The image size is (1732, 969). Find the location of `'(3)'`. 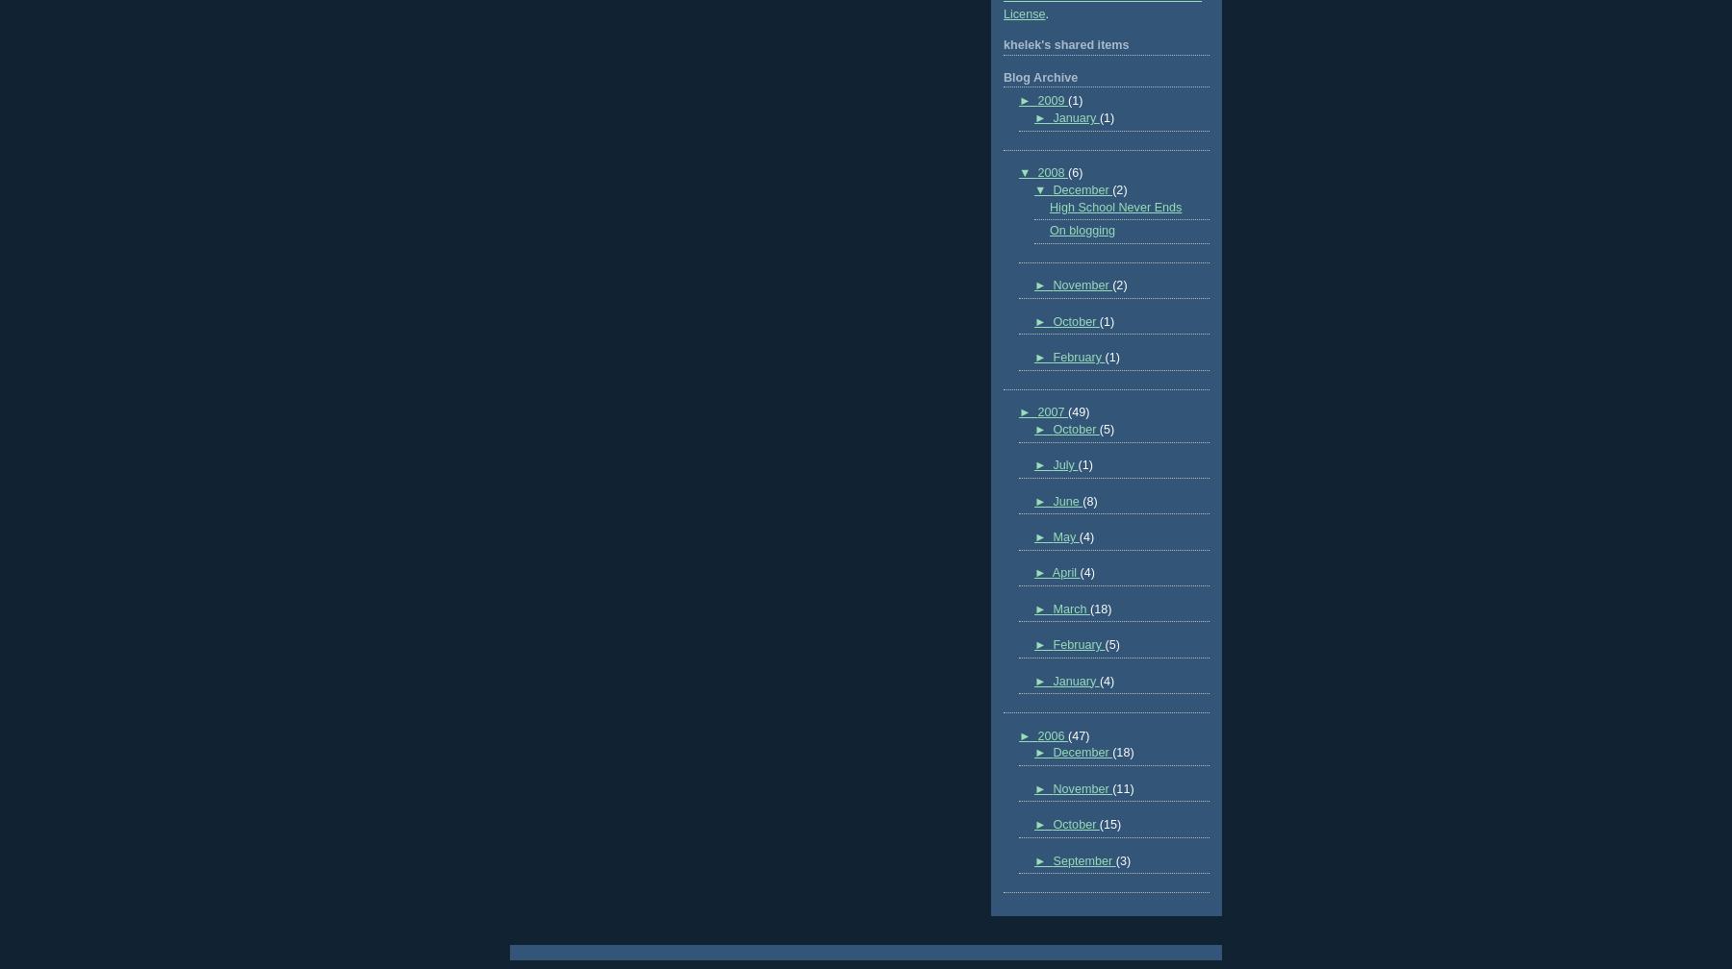

'(3)' is located at coordinates (1114, 860).